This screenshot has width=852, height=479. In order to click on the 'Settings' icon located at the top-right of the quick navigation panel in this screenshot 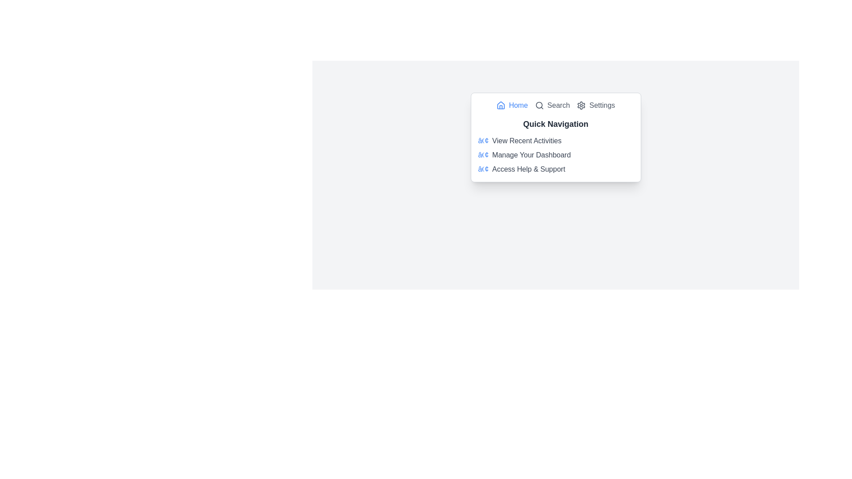, I will do `click(581, 105)`.